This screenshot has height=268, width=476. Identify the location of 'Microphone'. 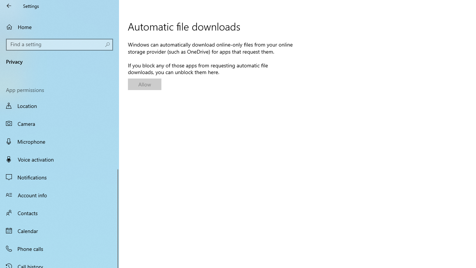
(59, 141).